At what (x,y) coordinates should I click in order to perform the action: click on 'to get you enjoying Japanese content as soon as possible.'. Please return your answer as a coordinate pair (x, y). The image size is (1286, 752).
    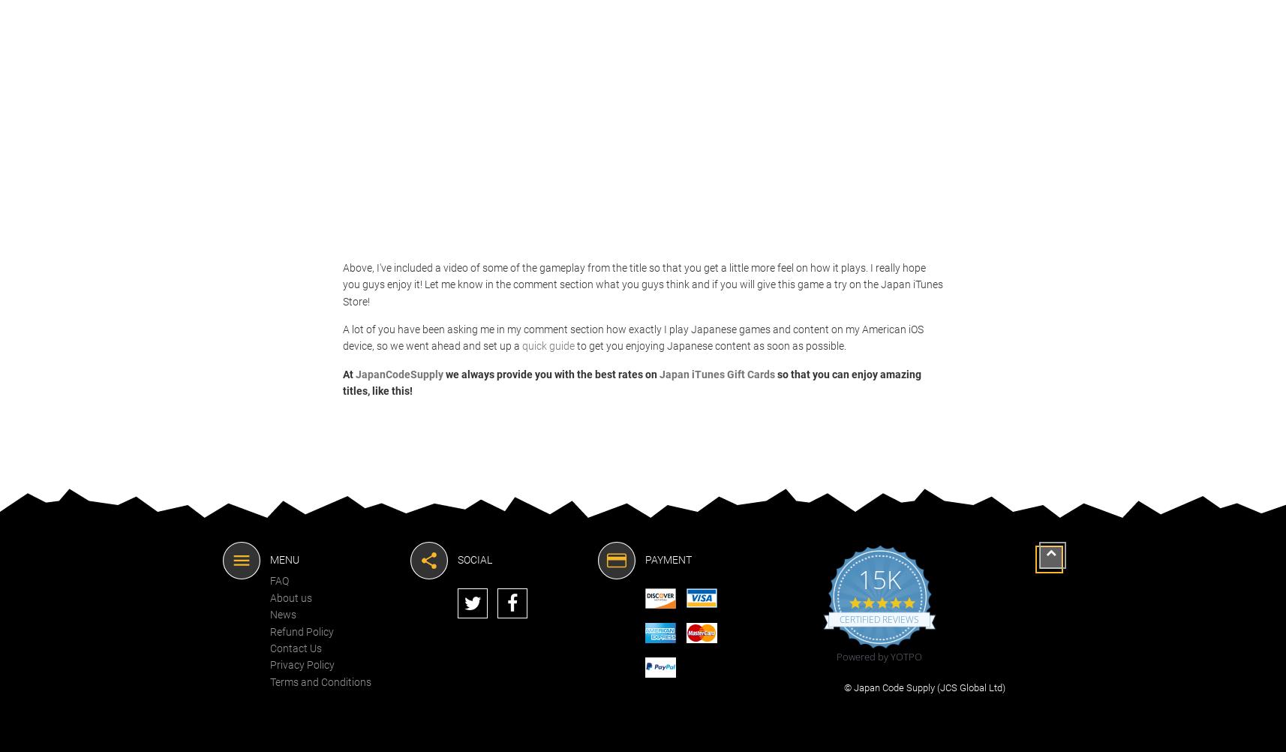
    Looking at the image, I should click on (574, 345).